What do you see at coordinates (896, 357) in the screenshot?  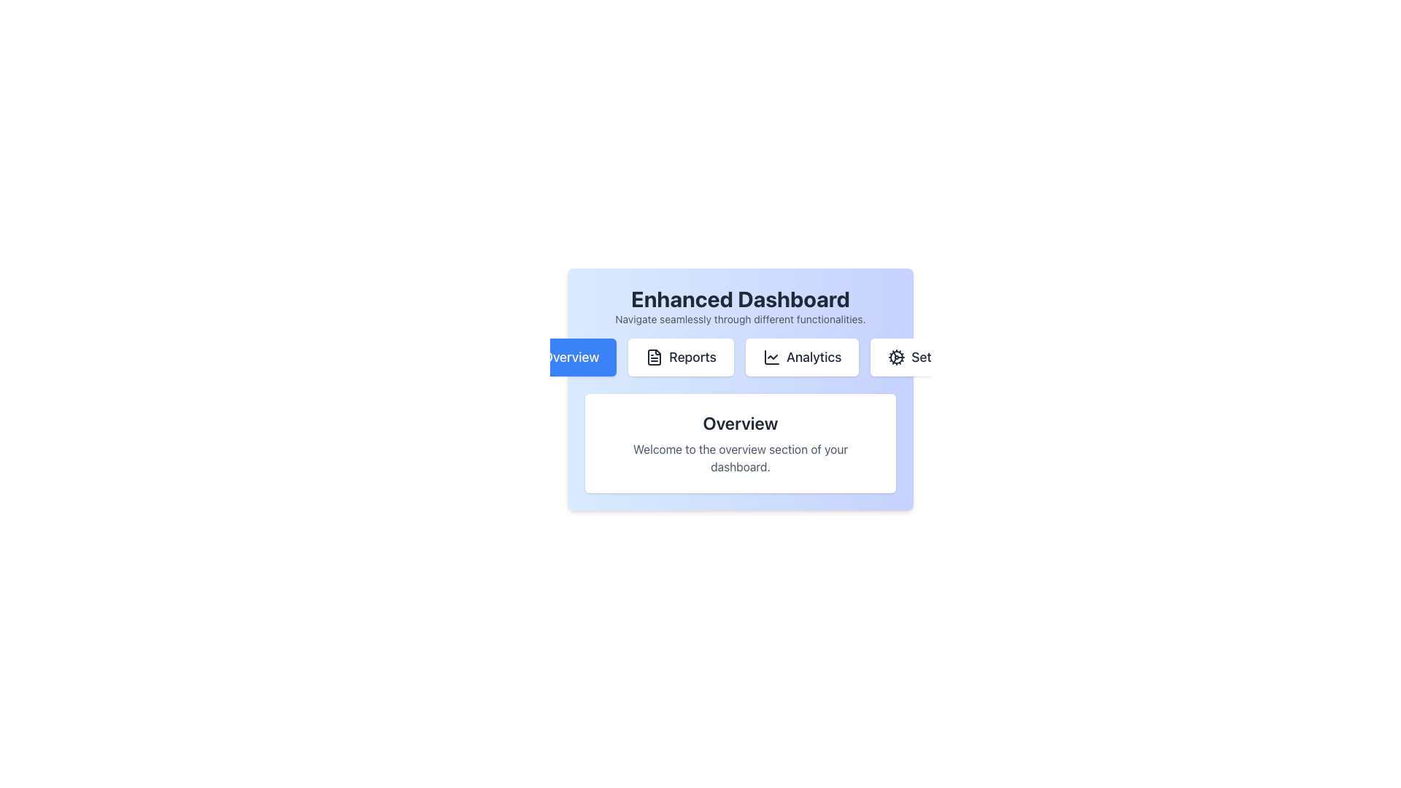 I see `the cogwheel icon in the upper-right section of the navigation bar` at bounding box center [896, 357].